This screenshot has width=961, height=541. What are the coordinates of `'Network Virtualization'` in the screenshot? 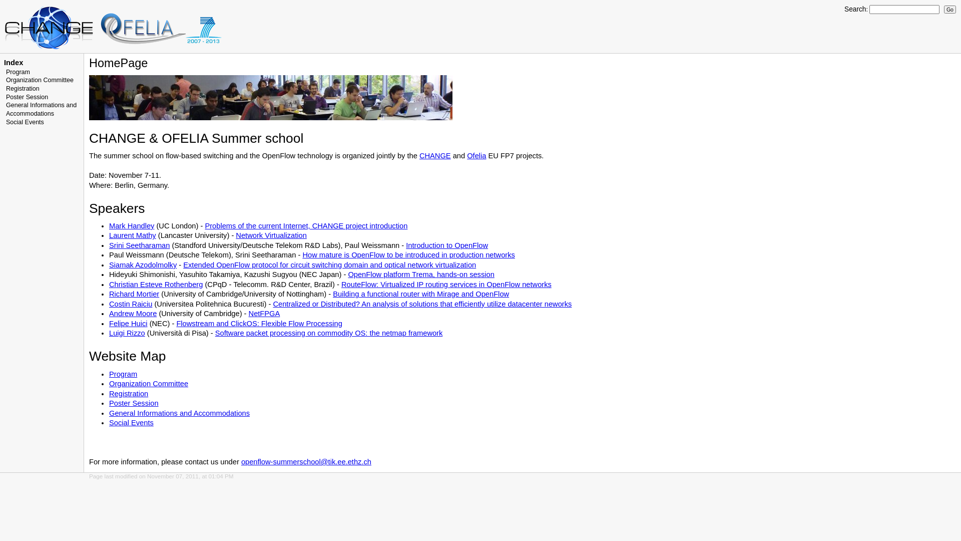 It's located at (271, 235).